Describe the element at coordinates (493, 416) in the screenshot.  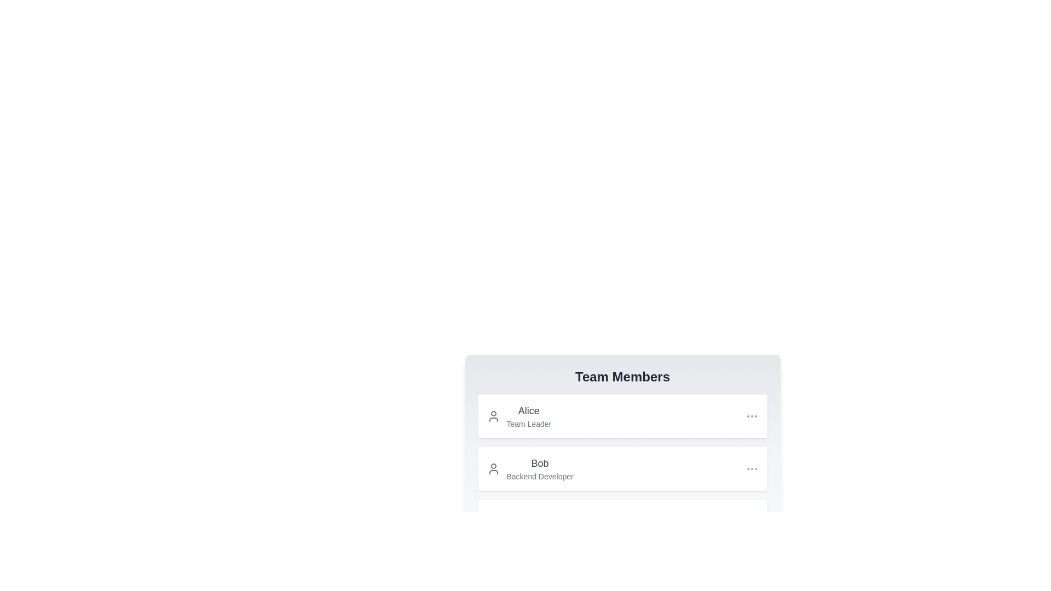
I see `the user icon corresponding to Alice` at that location.